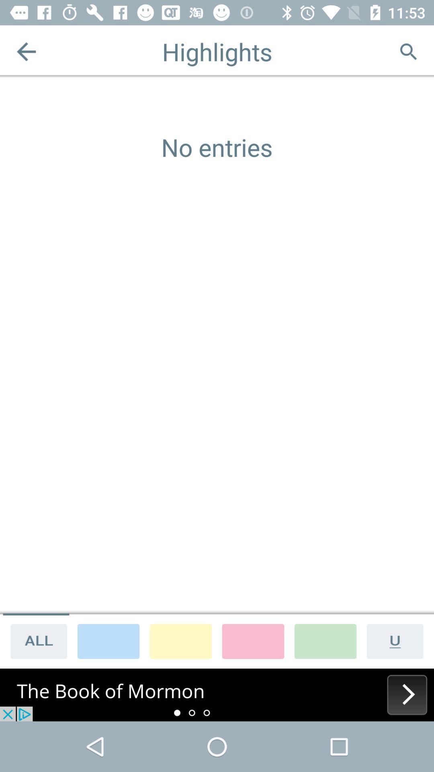 The height and width of the screenshot is (772, 434). What do you see at coordinates (217, 694) in the screenshot?
I see `its an advertisement` at bounding box center [217, 694].